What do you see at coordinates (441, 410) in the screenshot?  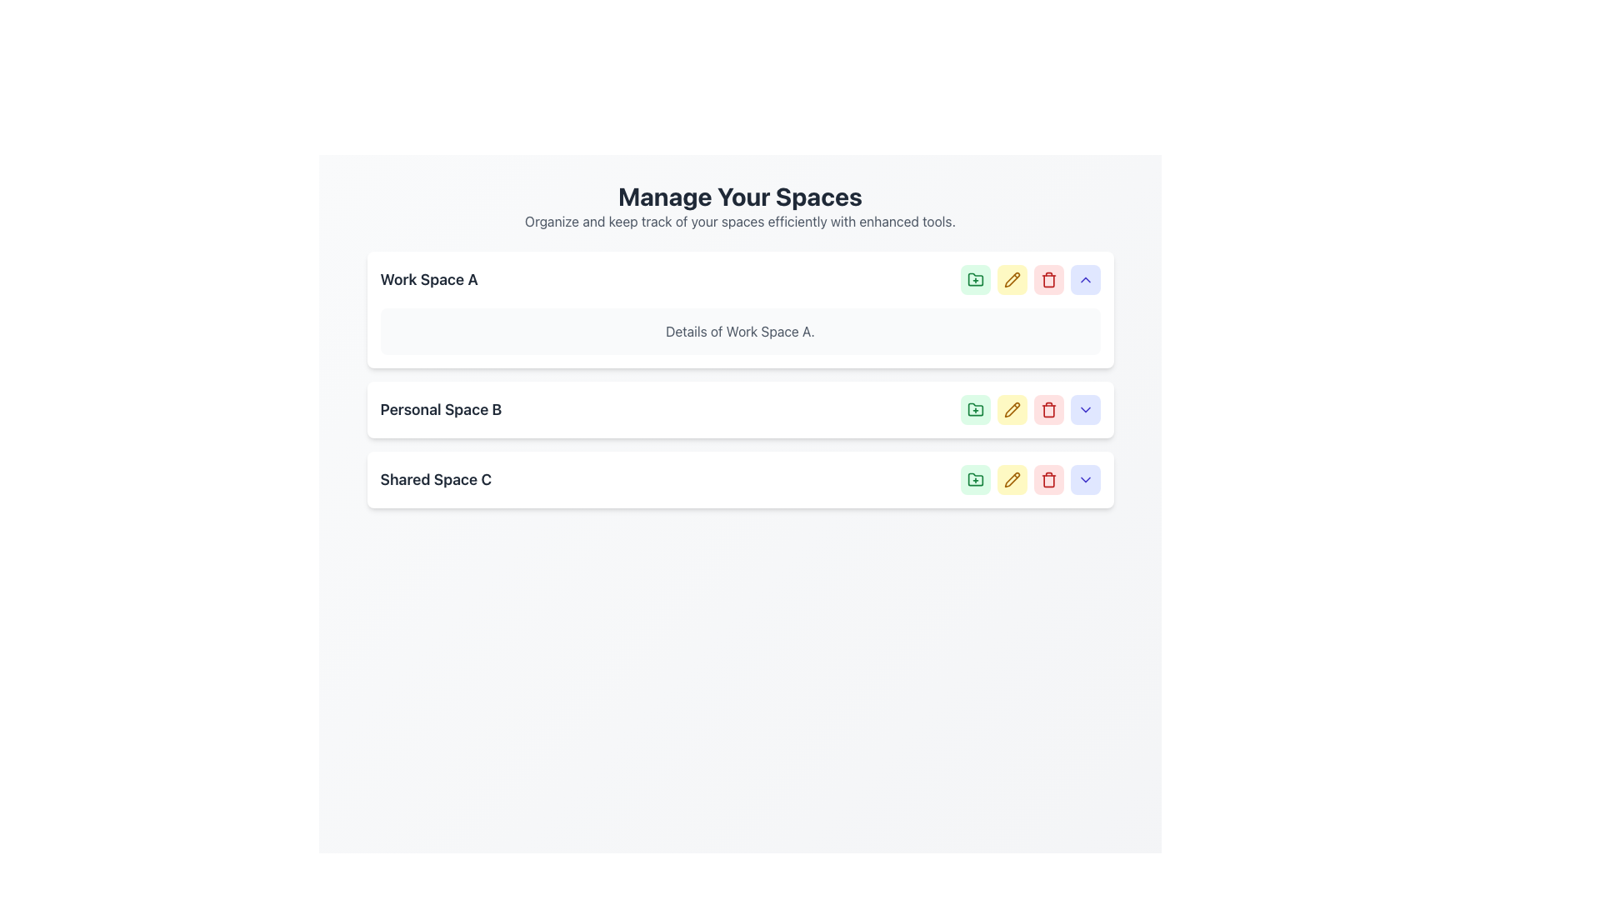 I see `the Text Label that serves as the title for the second space, positioned between 'Work Space A' and 'Shared Space C'` at bounding box center [441, 410].